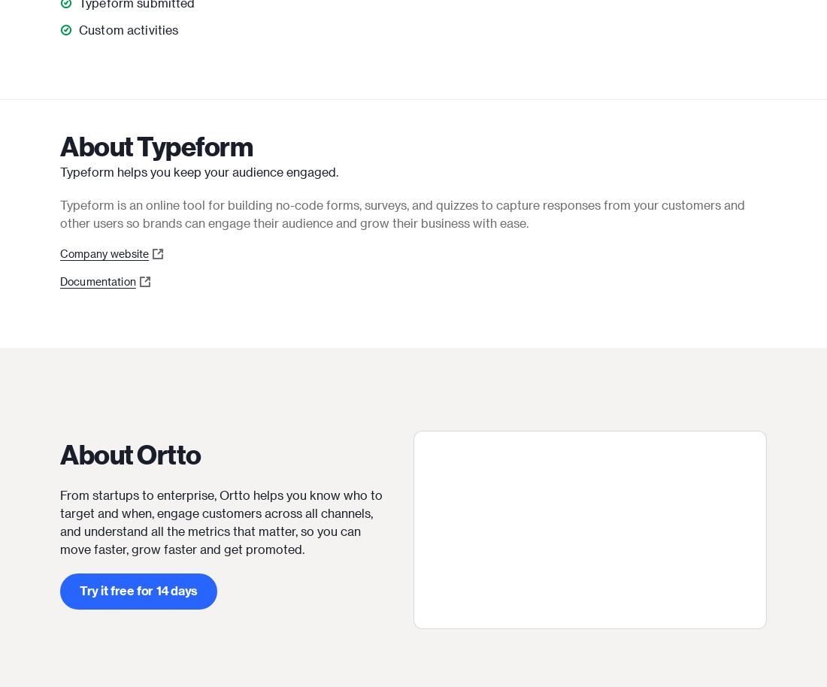 The image size is (827, 687). Describe the element at coordinates (220, 521) in the screenshot. I see `'From startups to enterprise, Ortto helps you know who to target and when, engage customers across all channels, and understand all the metrics that matter, so you can move faster, grow faster and get promoted.'` at that location.